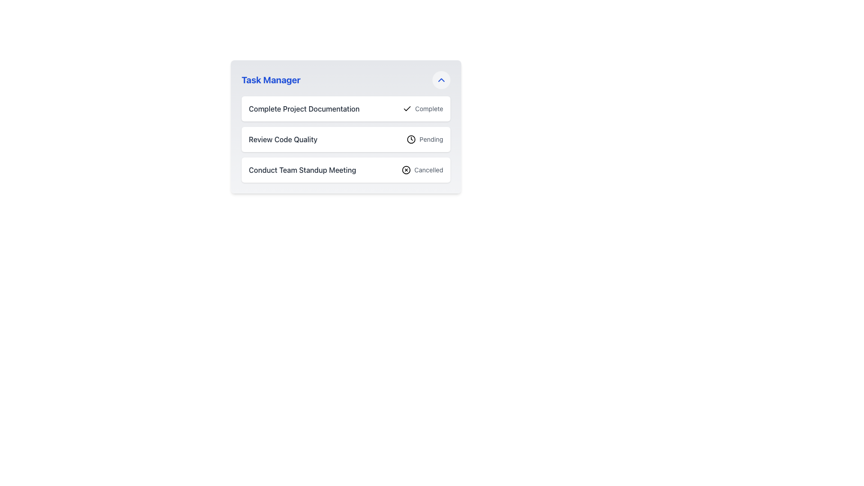  Describe the element at coordinates (405, 170) in the screenshot. I see `the circular icon with a cross inside it, located to the left of the 'Cancelled' text in the third row, alongside the 'Conduct Team Standup Meeting' label` at that location.